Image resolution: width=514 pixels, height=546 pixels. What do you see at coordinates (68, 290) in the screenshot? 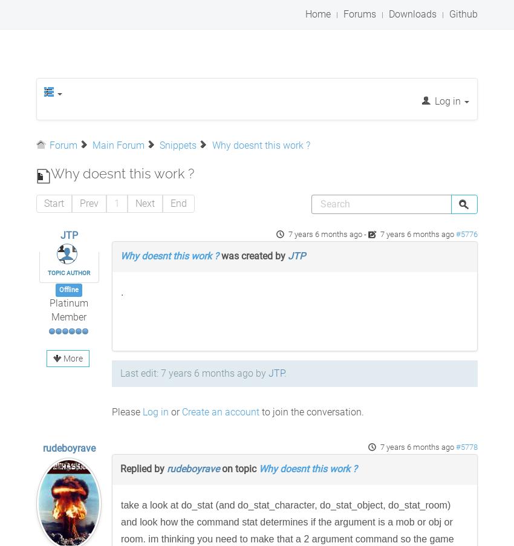
I see `'Offline'` at bounding box center [68, 290].